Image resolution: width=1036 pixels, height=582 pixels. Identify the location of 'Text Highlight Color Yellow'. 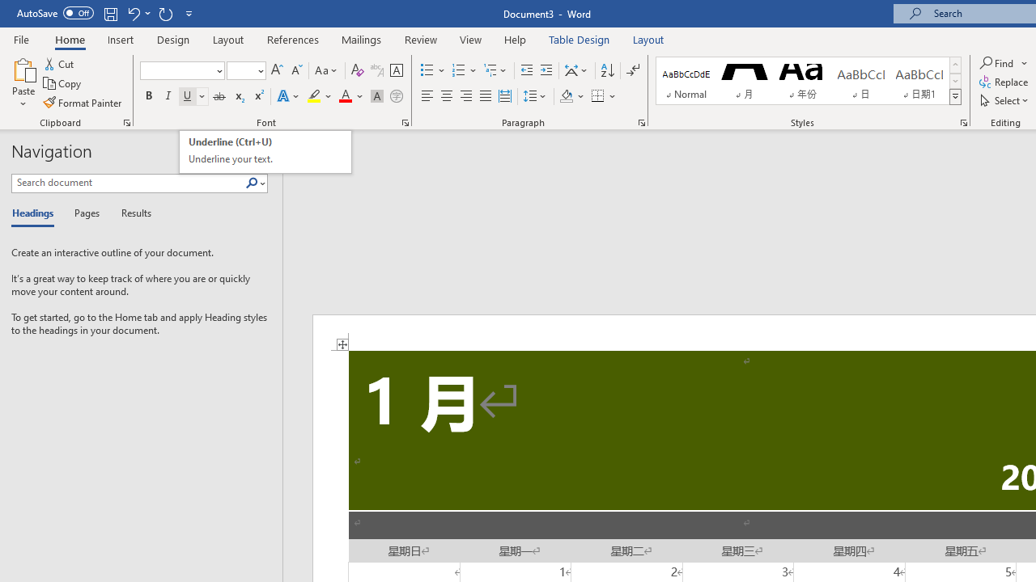
(314, 96).